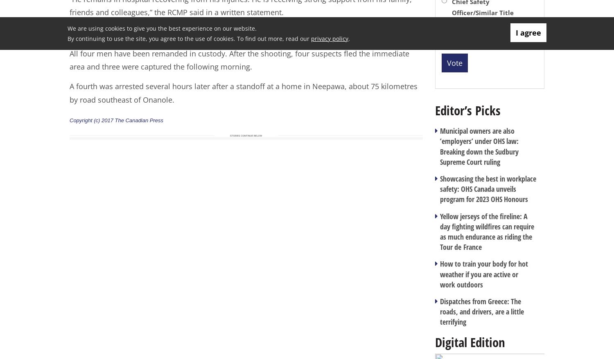 Image resolution: width=614 pixels, height=359 pixels. I want to click on 'By continuing to use the site, you agree to the use of cookies. To find out more, read our', so click(189, 38).